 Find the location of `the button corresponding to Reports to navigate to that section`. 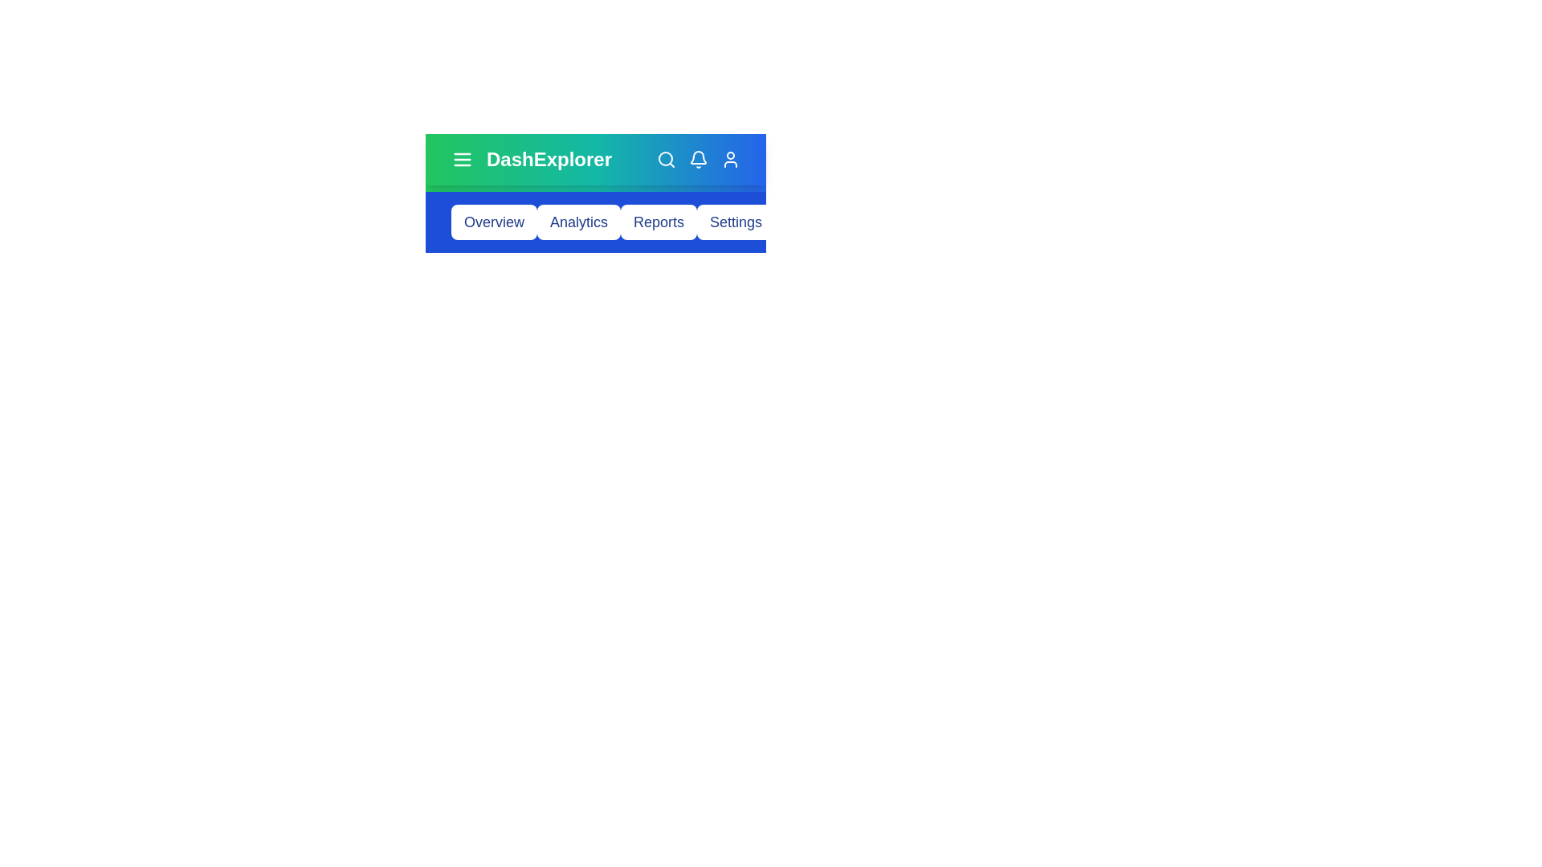

the button corresponding to Reports to navigate to that section is located at coordinates (659, 222).